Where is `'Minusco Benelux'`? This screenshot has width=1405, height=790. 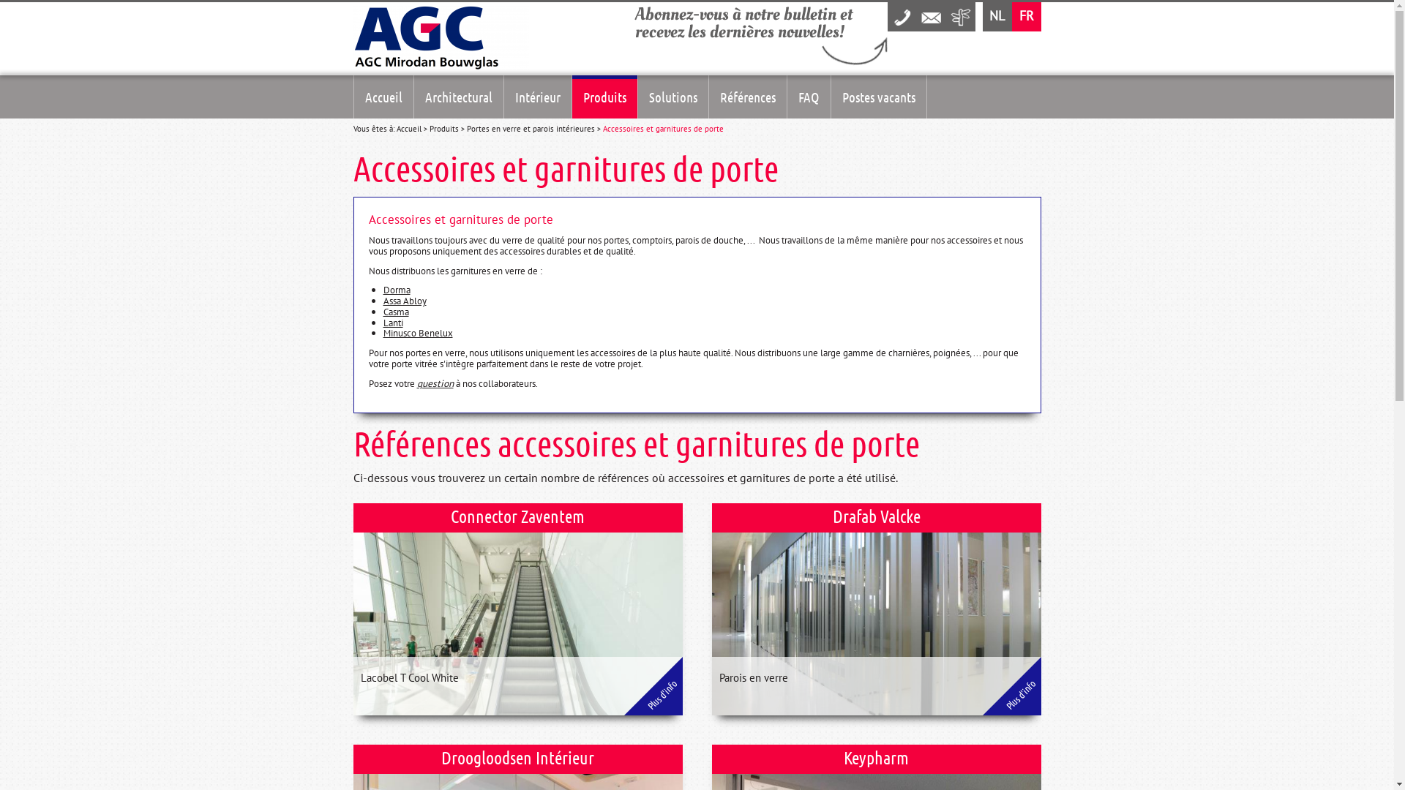 'Minusco Benelux' is located at coordinates (383, 333).